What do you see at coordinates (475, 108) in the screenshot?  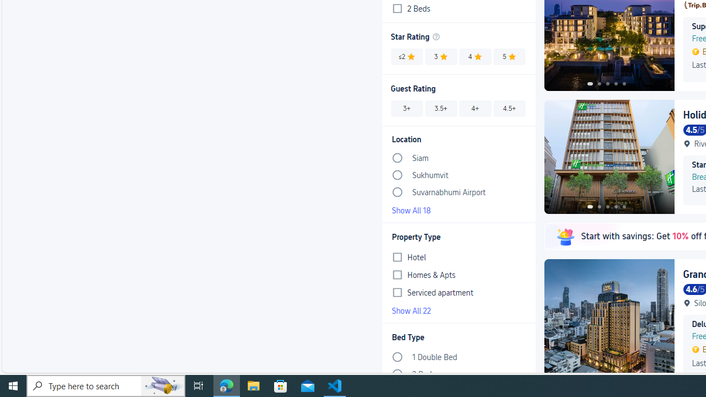 I see `'4+'` at bounding box center [475, 108].